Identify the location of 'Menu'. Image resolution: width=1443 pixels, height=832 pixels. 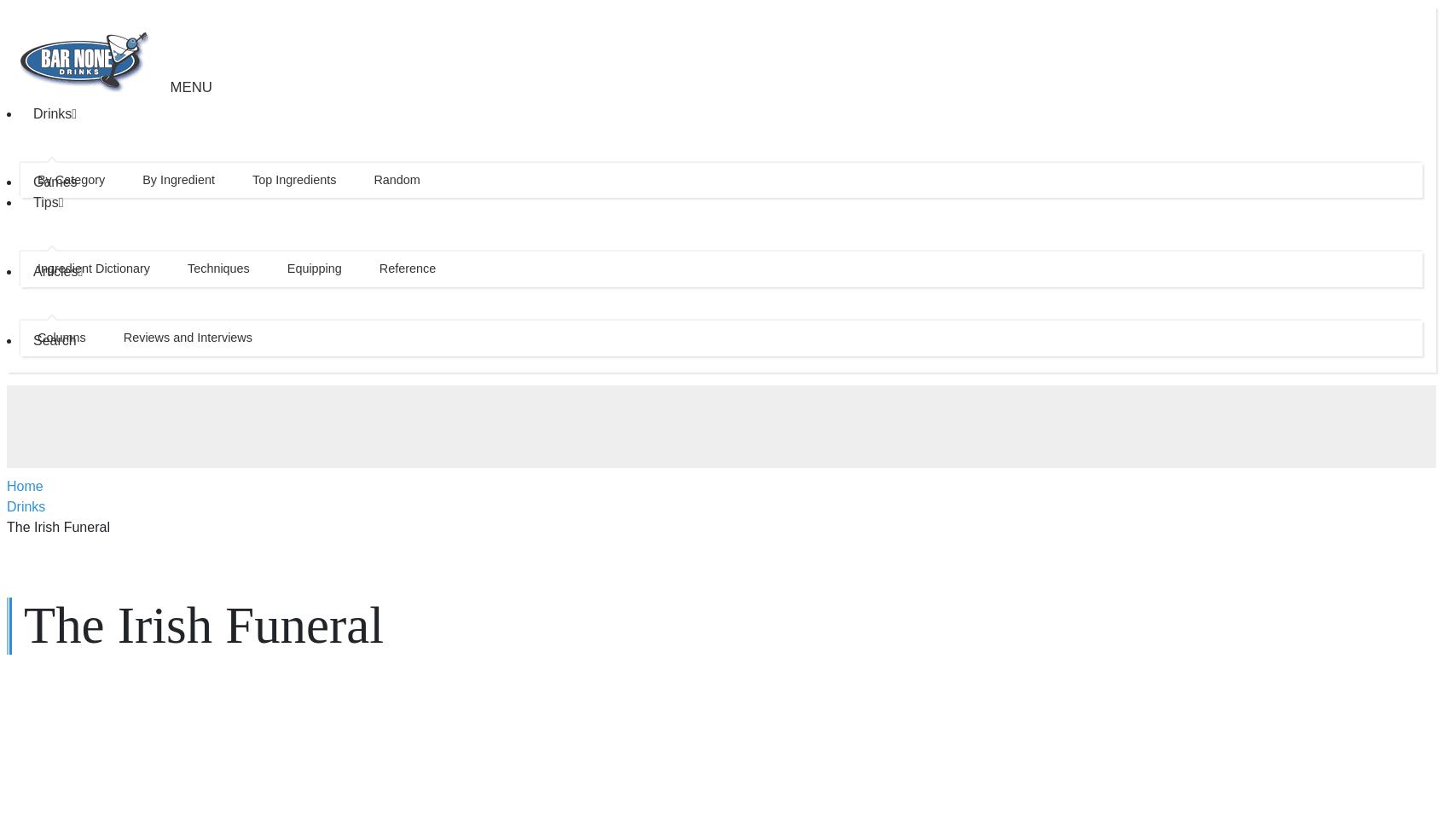
(168, 87).